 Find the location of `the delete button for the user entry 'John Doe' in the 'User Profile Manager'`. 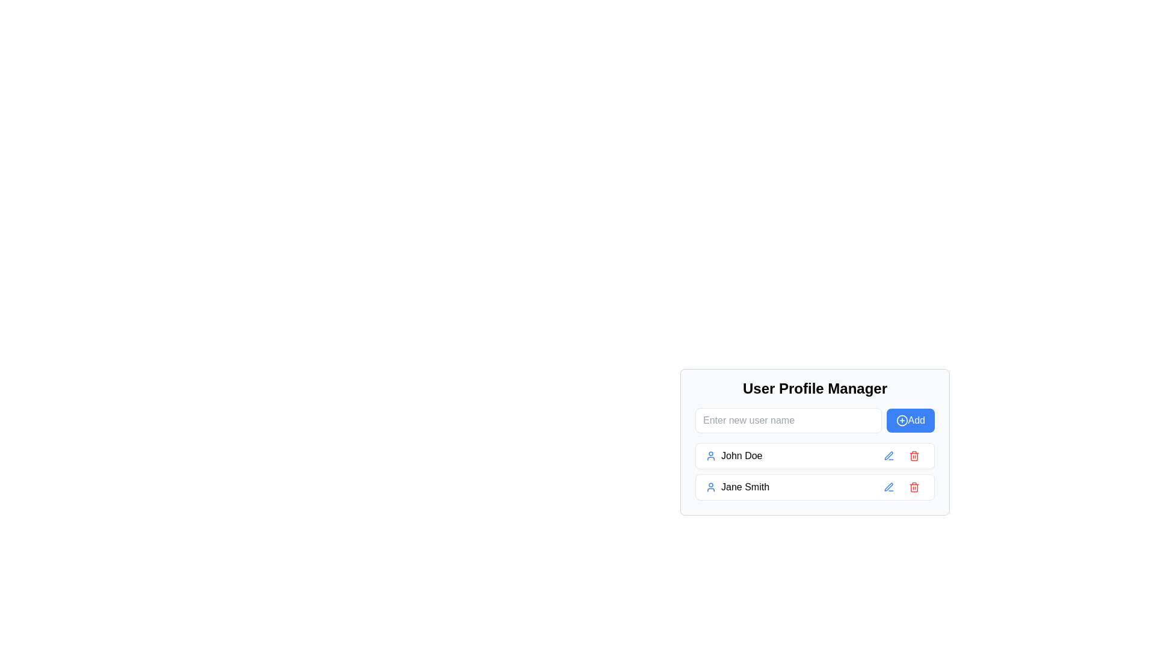

the delete button for the user entry 'John Doe' in the 'User Profile Manager' is located at coordinates (914, 456).